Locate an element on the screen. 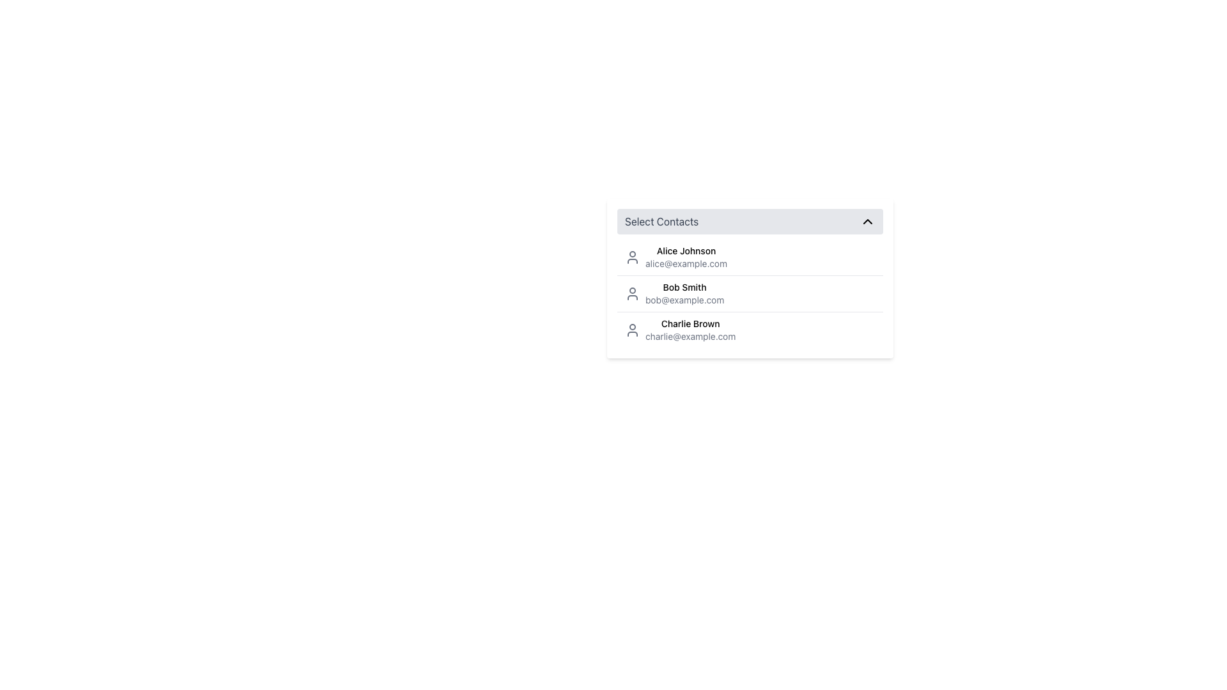 This screenshot has width=1227, height=690. text label displaying the name of the contact located in the second item of the contact selection interface, positioned between 'Alice Johnson' and 'bob@example.com' is located at coordinates (684, 287).